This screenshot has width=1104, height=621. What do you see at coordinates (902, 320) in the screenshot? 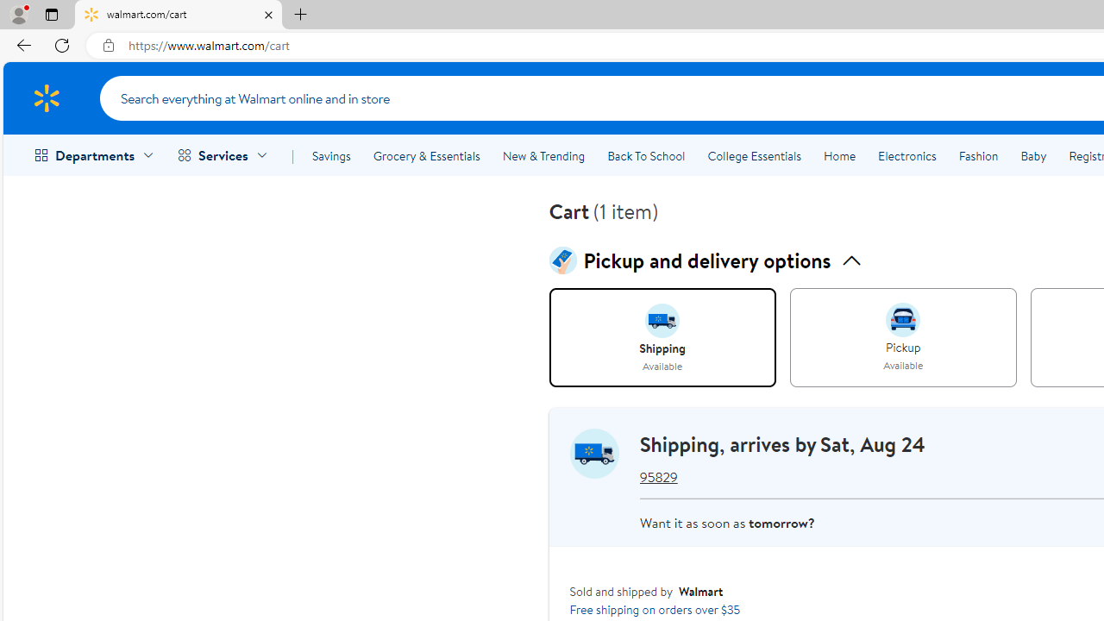
I see `'intent image for pickup'` at bounding box center [902, 320].